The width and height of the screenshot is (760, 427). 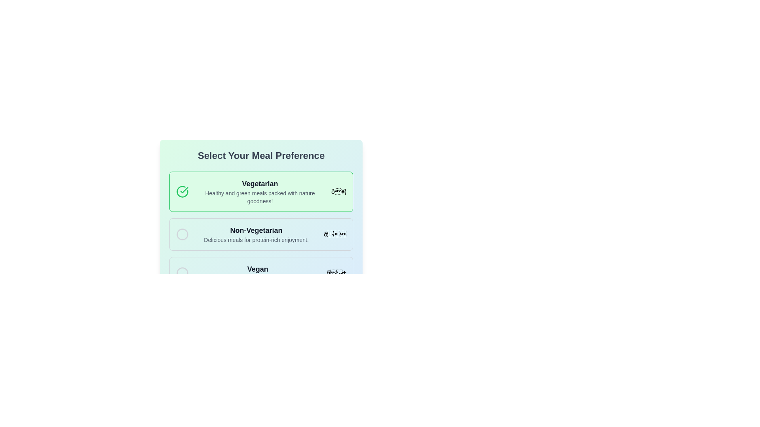 I want to click on the small text/icon '📦' located on the far-right side of the 'Vegetarian' choice card within the meal preferences list, so click(x=338, y=191).